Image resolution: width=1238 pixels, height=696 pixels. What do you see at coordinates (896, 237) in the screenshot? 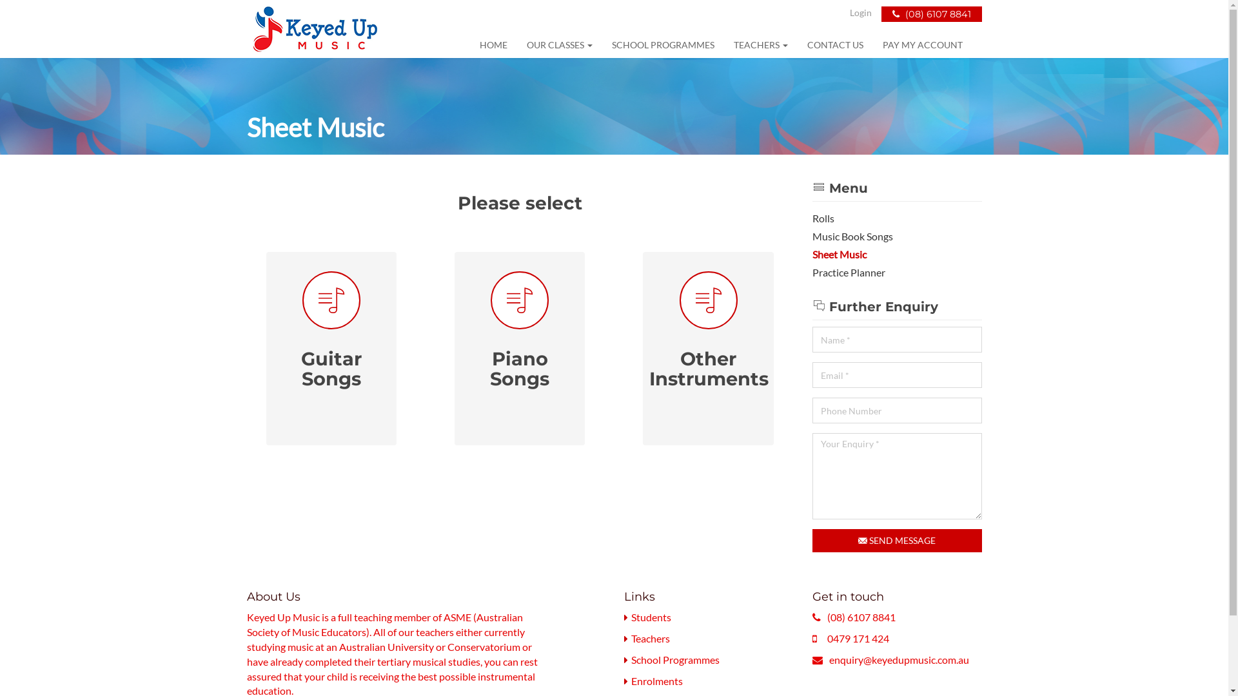
I see `'Music Book Songs'` at bounding box center [896, 237].